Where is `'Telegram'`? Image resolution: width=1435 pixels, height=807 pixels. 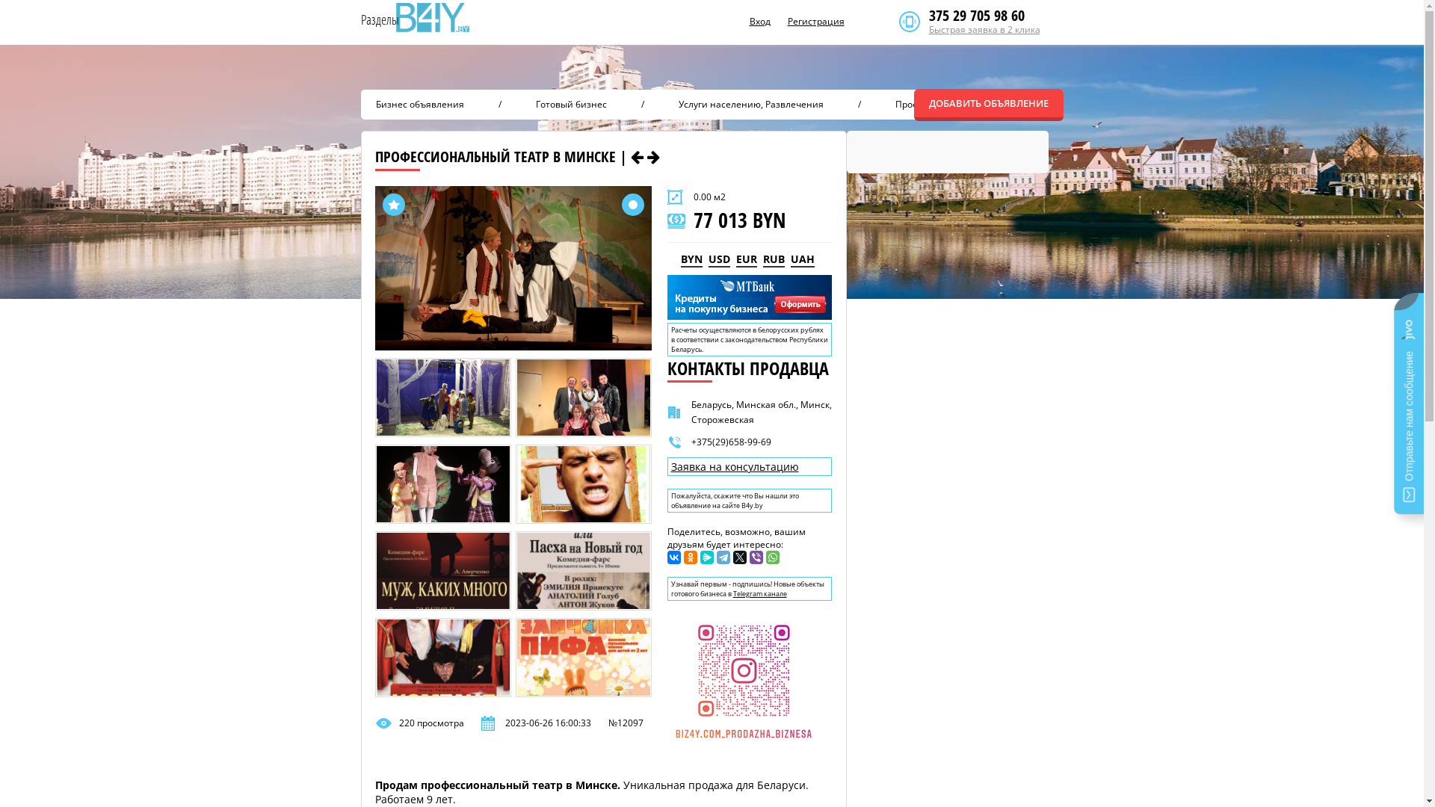
'Telegram' is located at coordinates (722, 557).